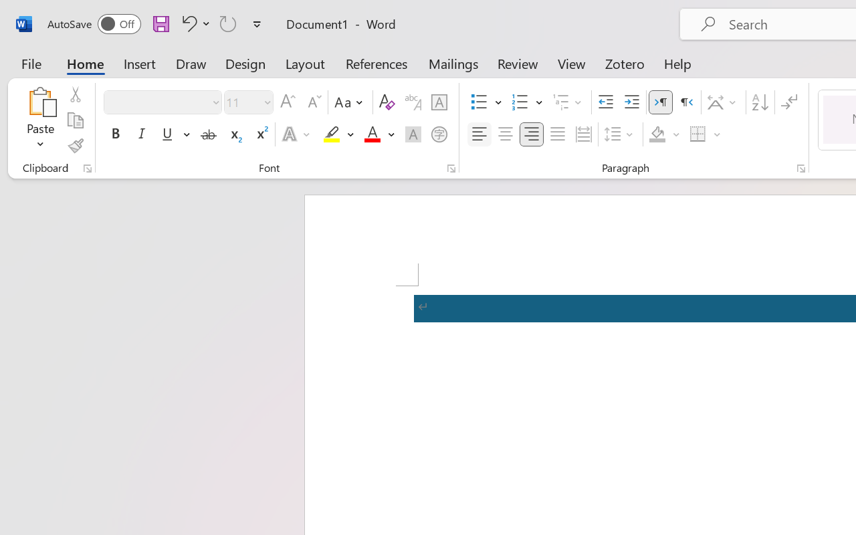 Image resolution: width=856 pixels, height=535 pixels. Describe the element at coordinates (661, 102) in the screenshot. I see `'Left-to-Right'` at that location.